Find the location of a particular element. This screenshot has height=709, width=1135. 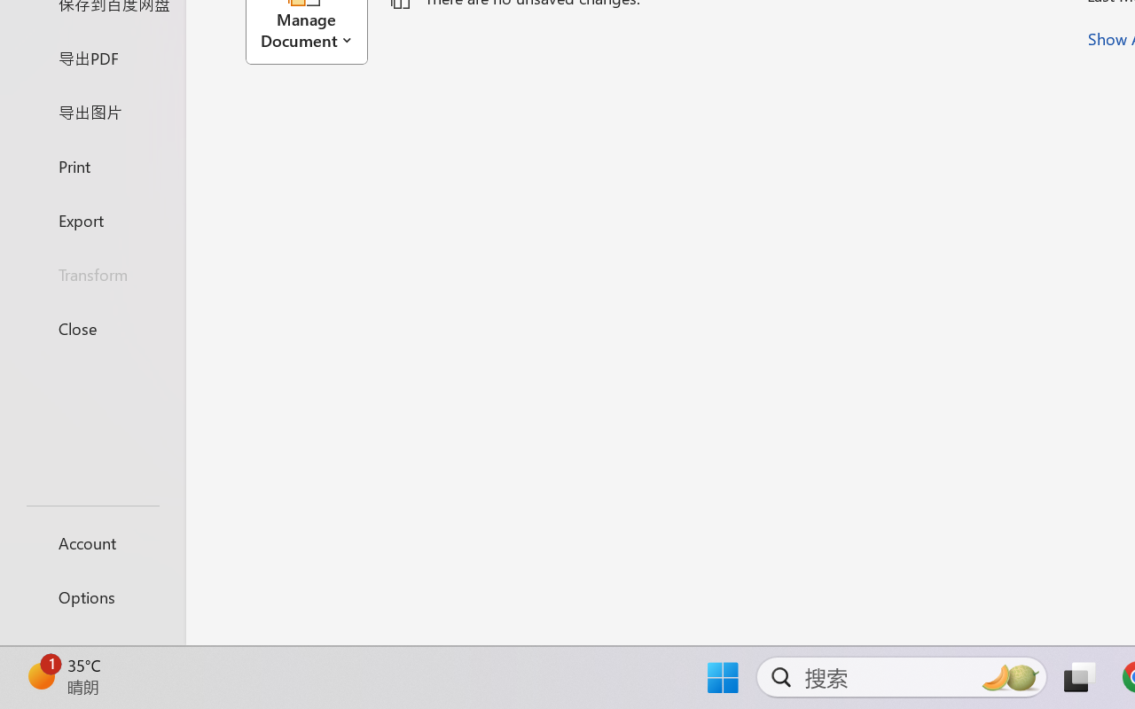

'Options' is located at coordinates (91, 596).